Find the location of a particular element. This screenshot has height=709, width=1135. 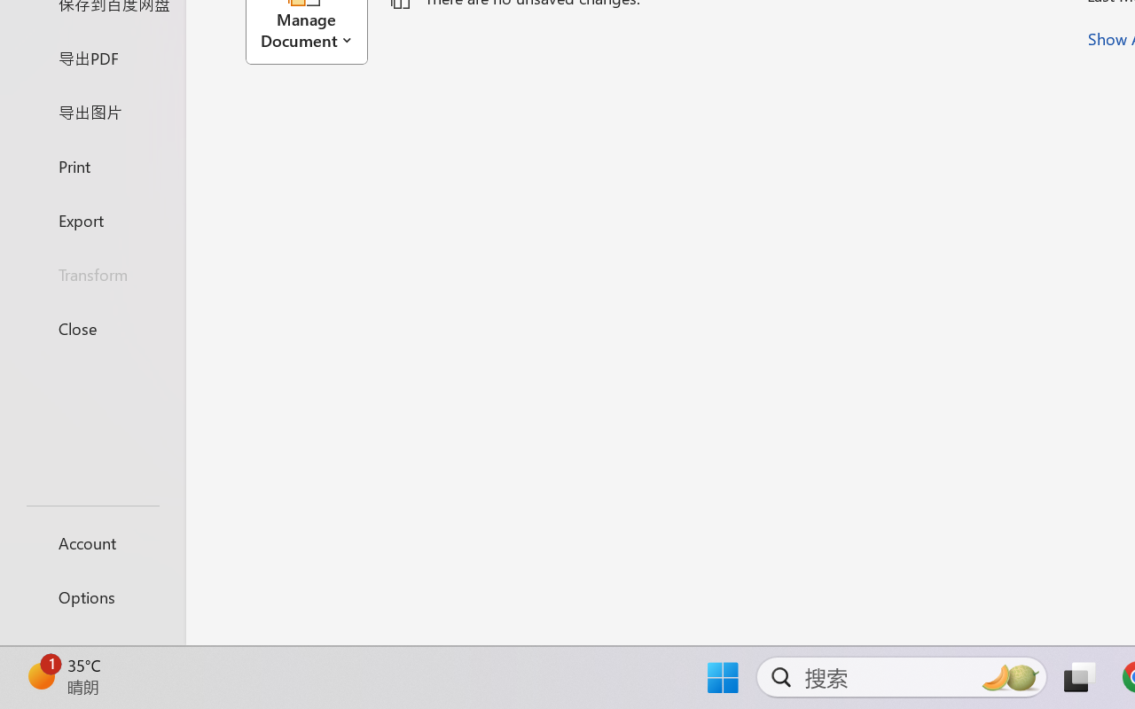

'Options' is located at coordinates (91, 596).